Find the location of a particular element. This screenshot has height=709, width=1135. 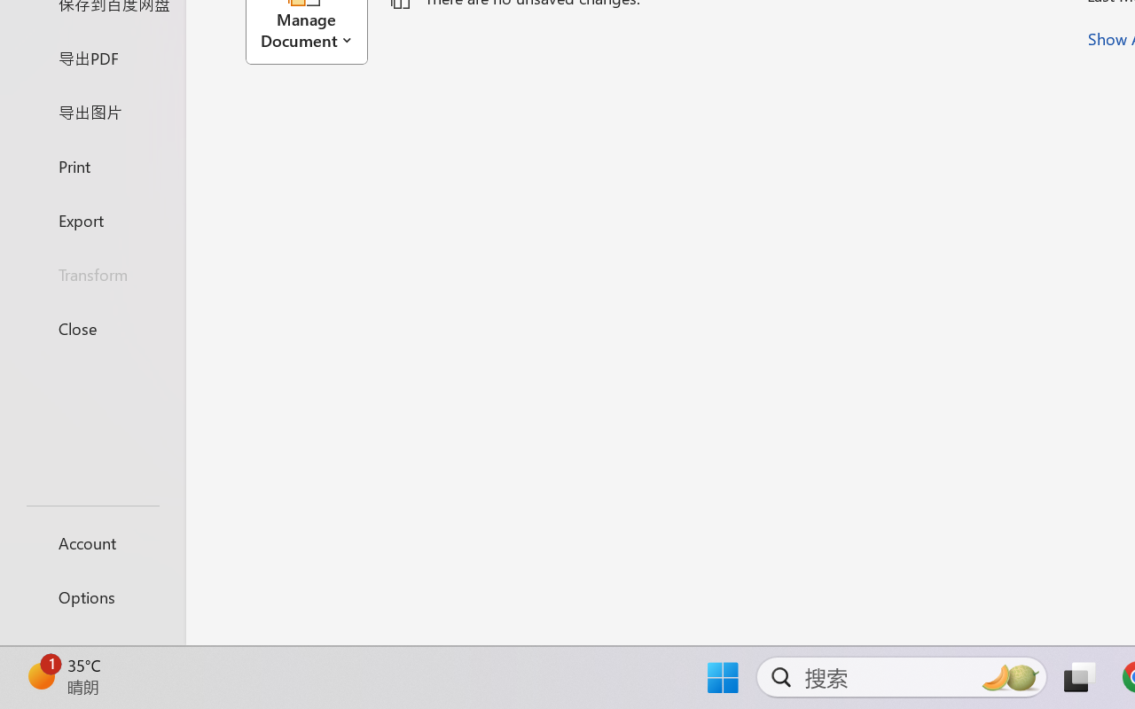

'Options' is located at coordinates (91, 596).